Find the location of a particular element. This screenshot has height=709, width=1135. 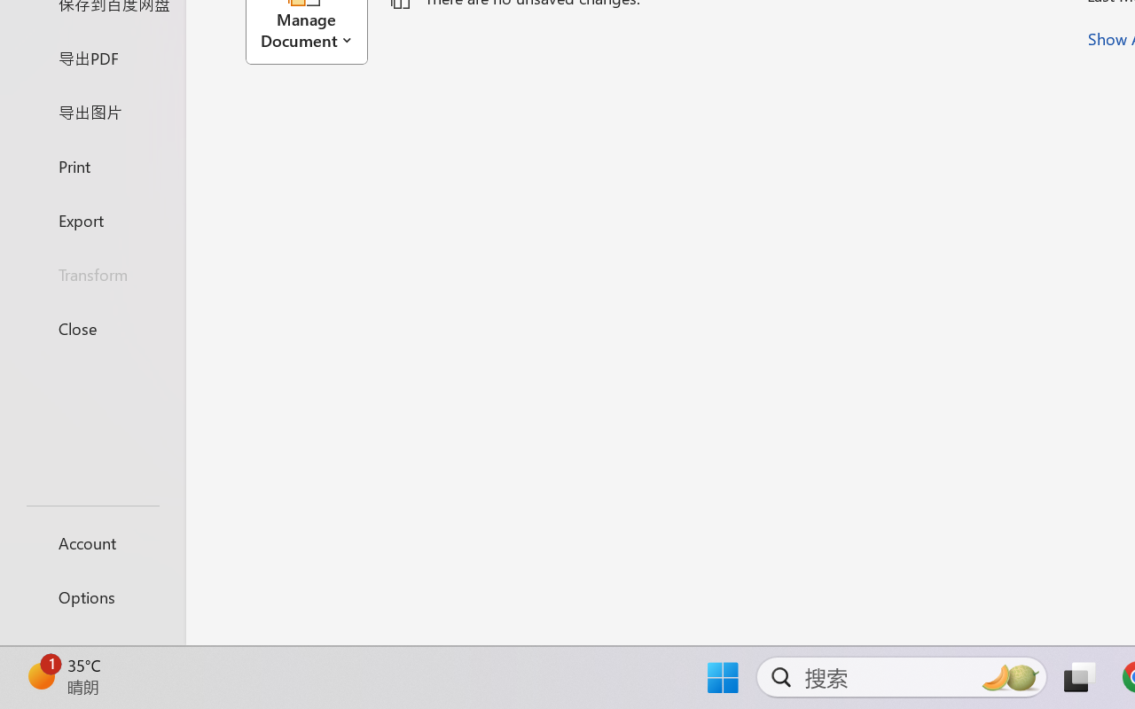

'Options' is located at coordinates (91, 596).